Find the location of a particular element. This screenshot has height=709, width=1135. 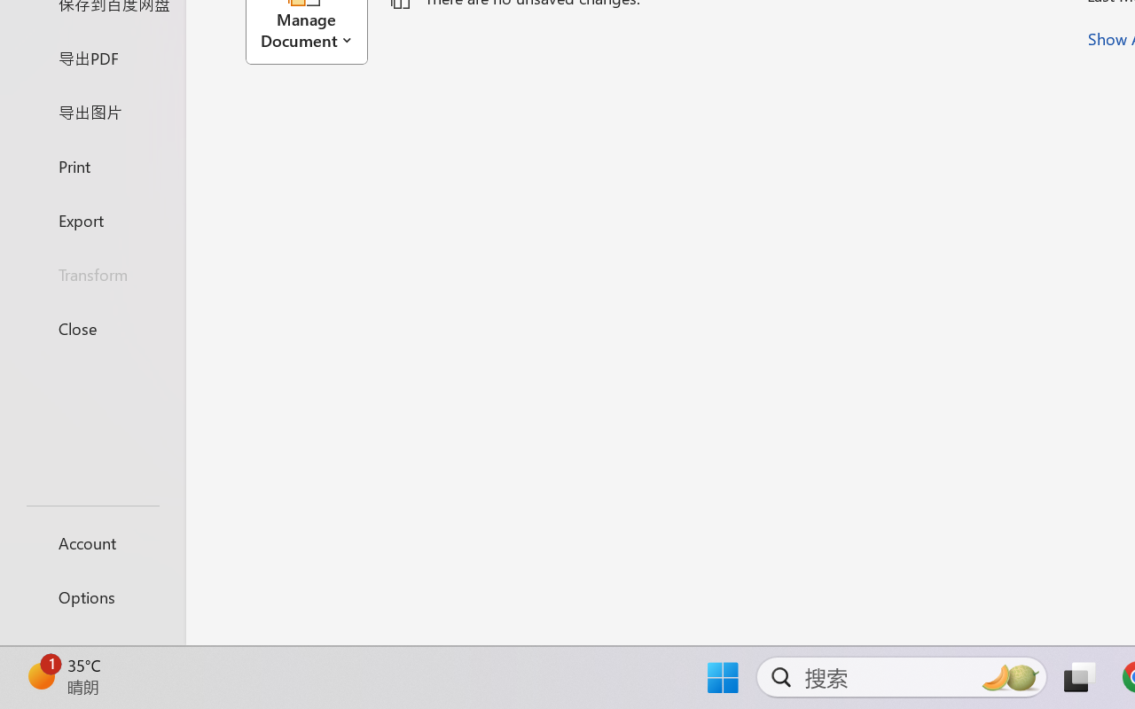

'Options' is located at coordinates (91, 596).